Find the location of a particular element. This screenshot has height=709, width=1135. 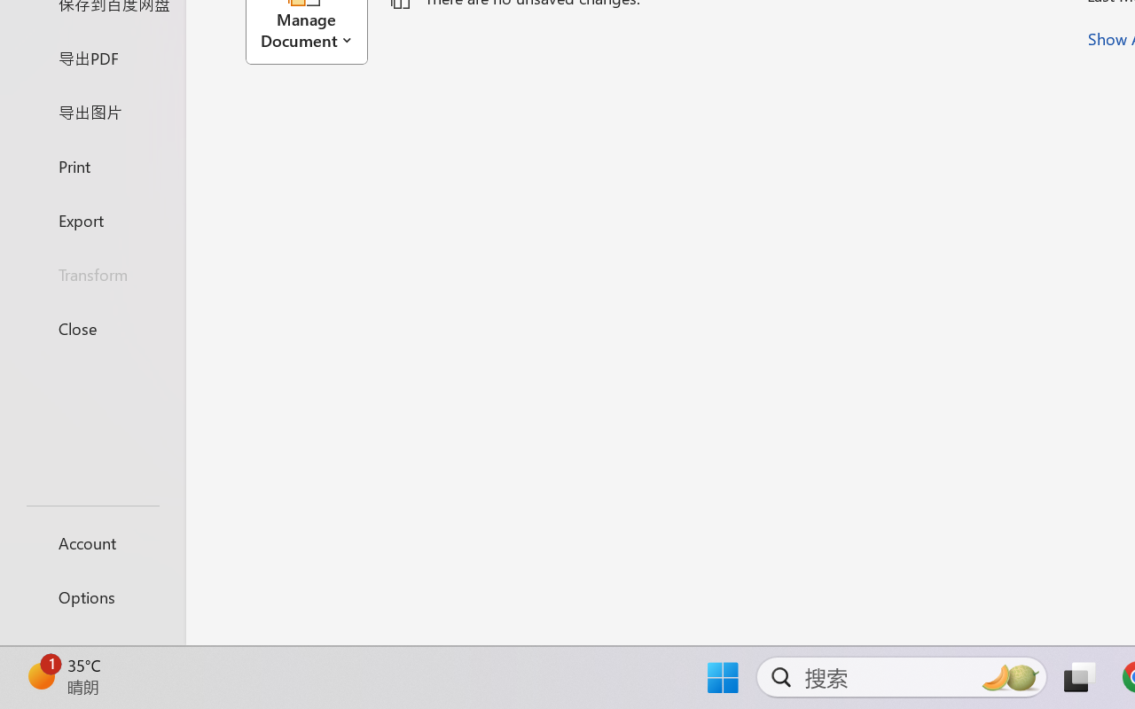

'Options' is located at coordinates (91, 596).